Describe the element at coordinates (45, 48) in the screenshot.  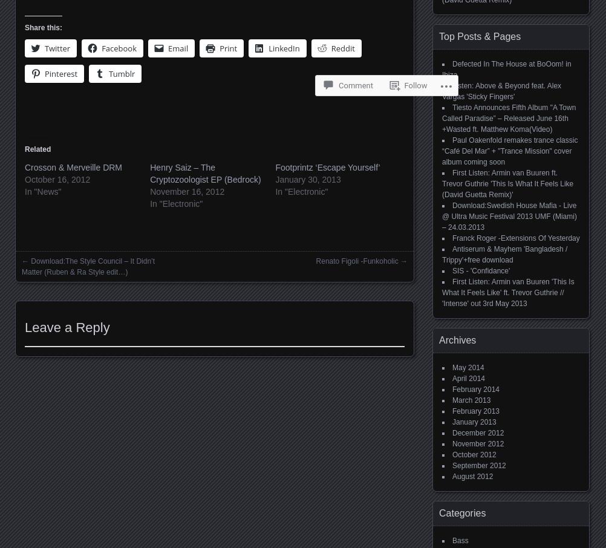
I see `'Twitter'` at that location.